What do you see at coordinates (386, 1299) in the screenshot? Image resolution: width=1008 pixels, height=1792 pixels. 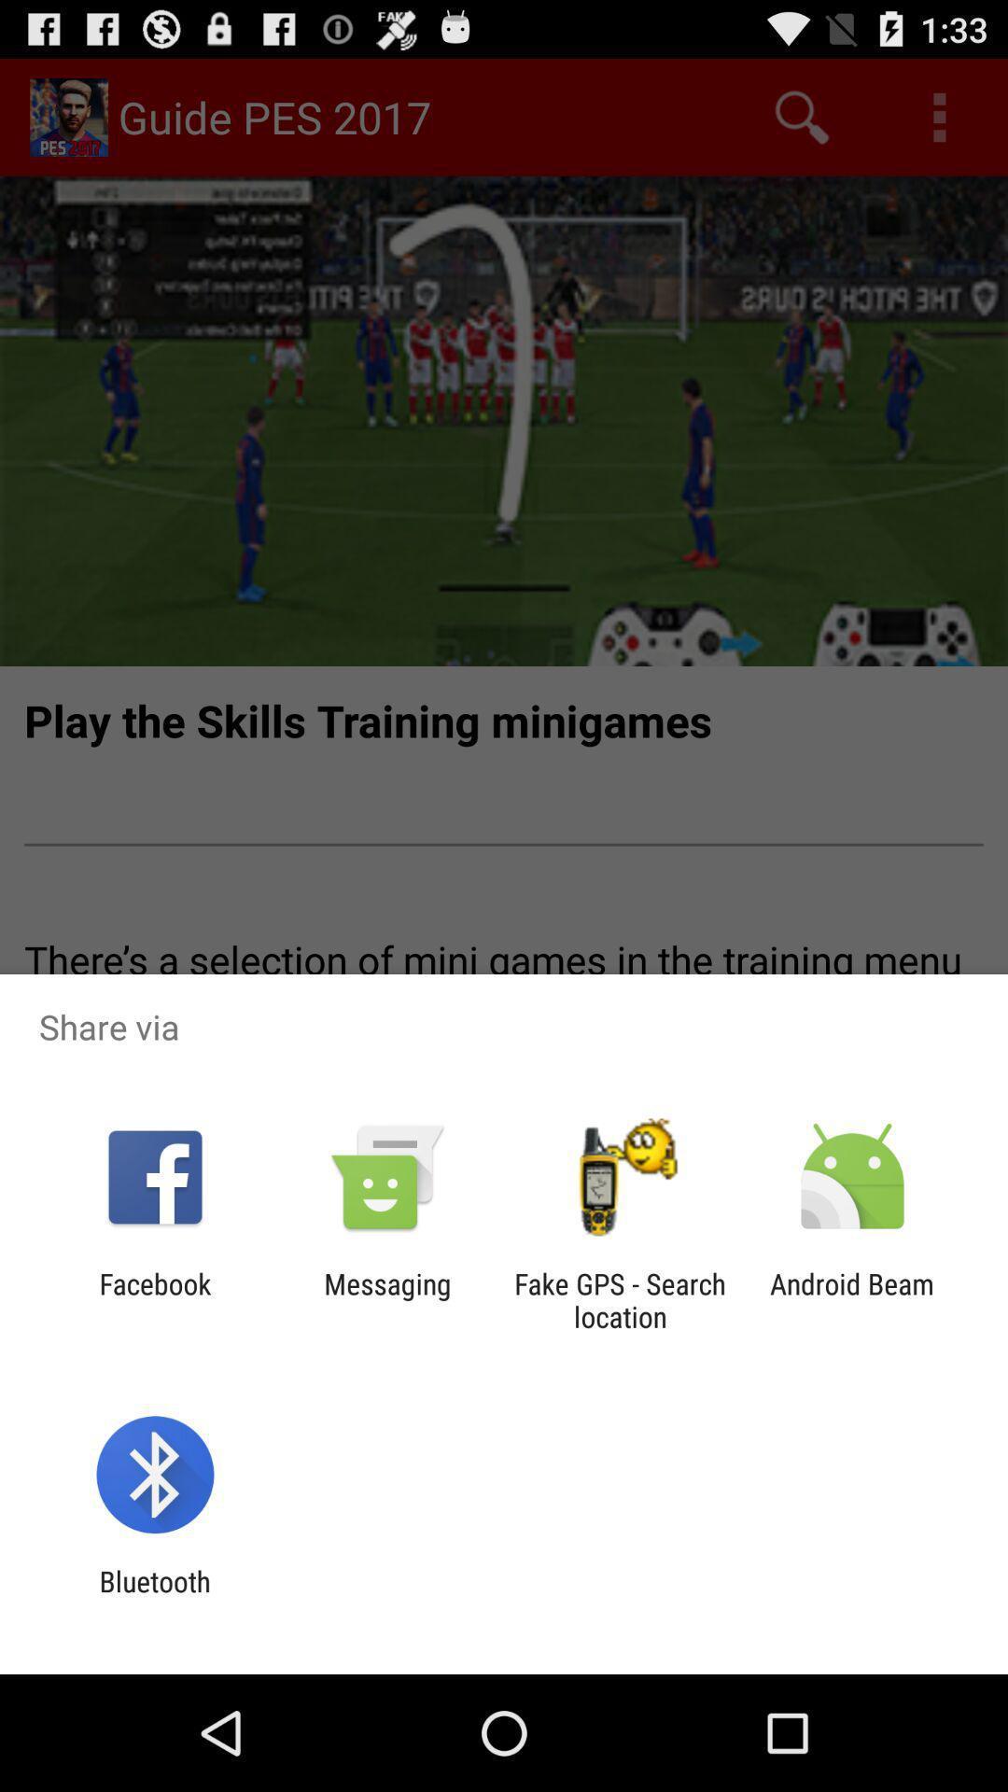 I see `the icon to the right of facebook item` at bounding box center [386, 1299].